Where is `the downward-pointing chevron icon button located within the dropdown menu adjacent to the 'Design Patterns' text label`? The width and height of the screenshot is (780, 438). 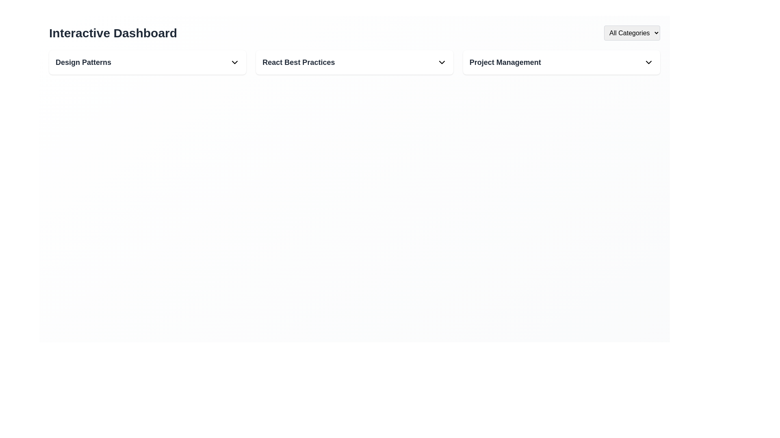 the downward-pointing chevron icon button located within the dropdown menu adjacent to the 'Design Patterns' text label is located at coordinates (234, 62).